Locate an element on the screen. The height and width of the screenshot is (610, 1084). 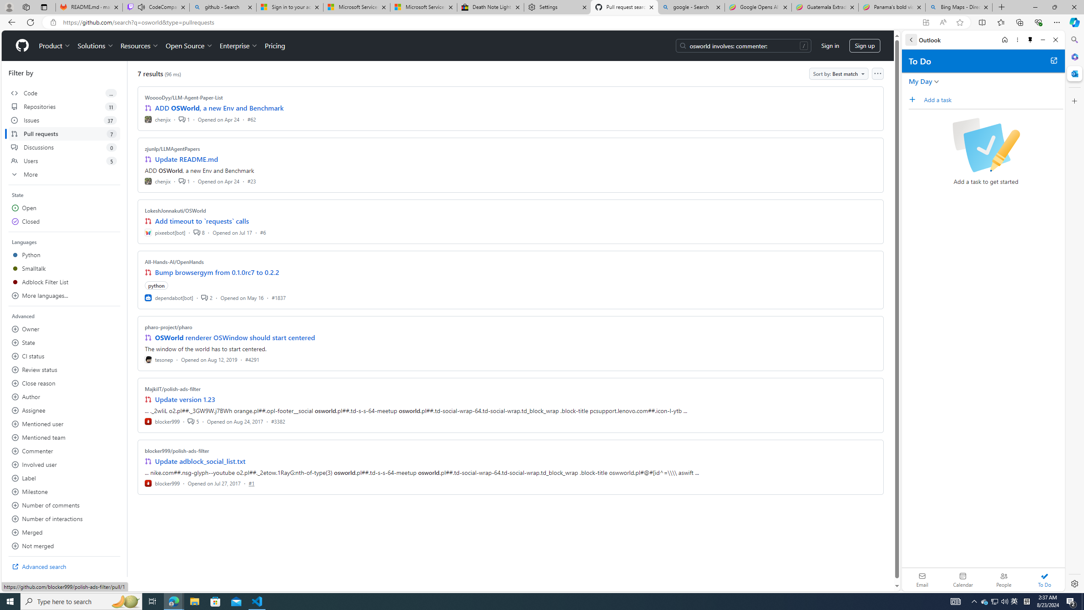
'Update version 1.23' is located at coordinates (185, 399).